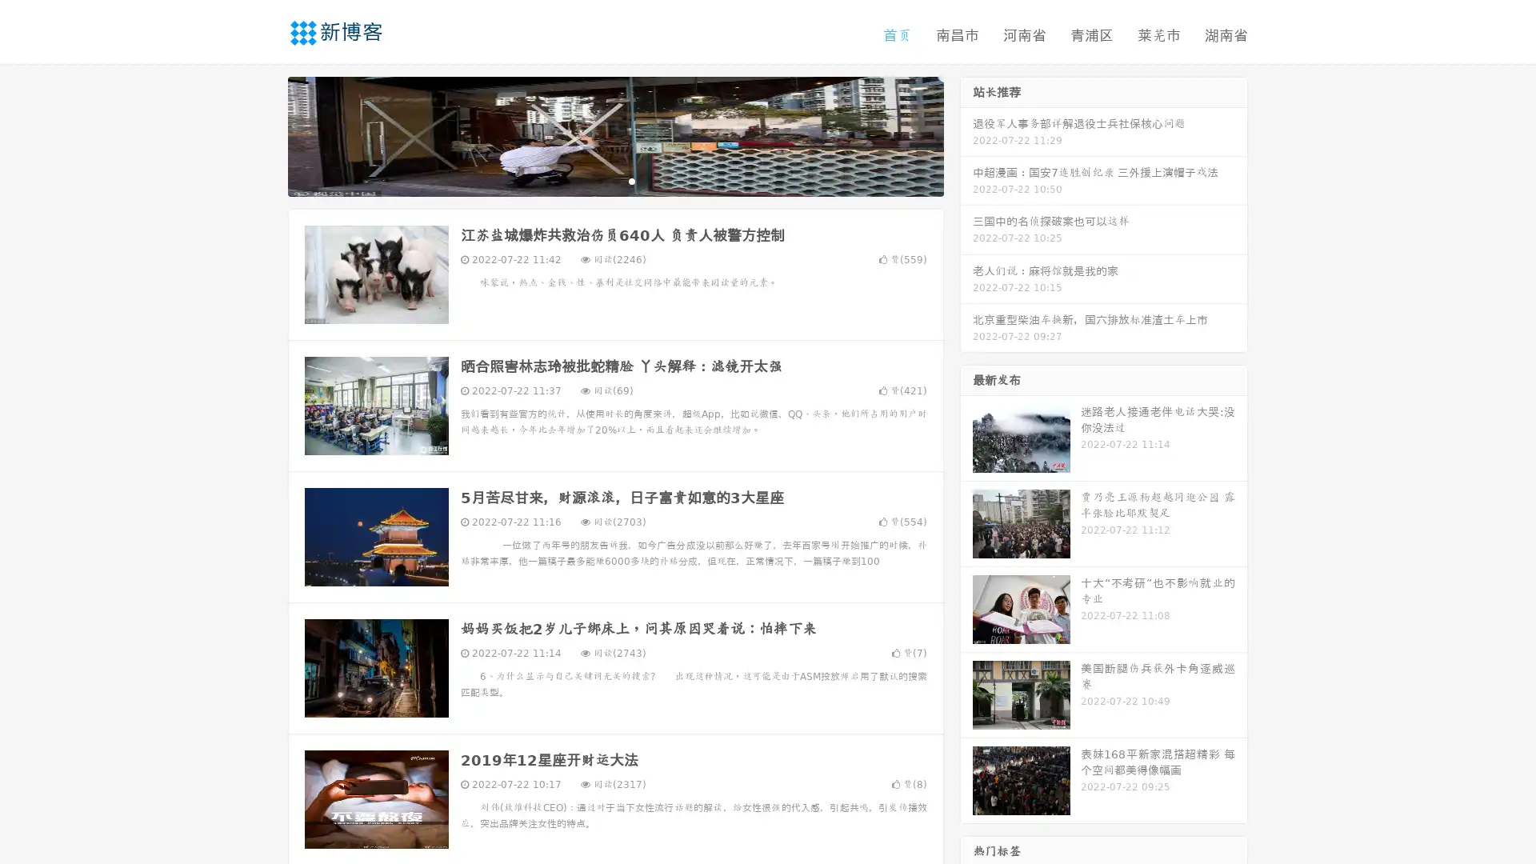  What do you see at coordinates (614, 180) in the screenshot?
I see `Go to slide 2` at bounding box center [614, 180].